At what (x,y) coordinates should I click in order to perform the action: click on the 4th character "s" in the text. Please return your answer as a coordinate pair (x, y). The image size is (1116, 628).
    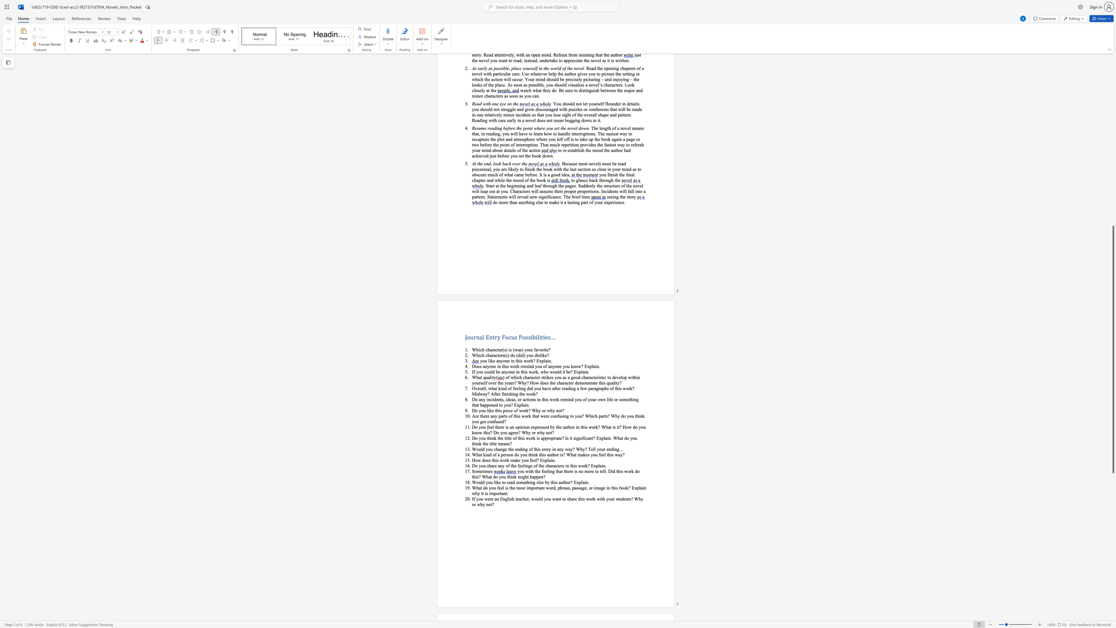
    Looking at the image, I should click on (600, 377).